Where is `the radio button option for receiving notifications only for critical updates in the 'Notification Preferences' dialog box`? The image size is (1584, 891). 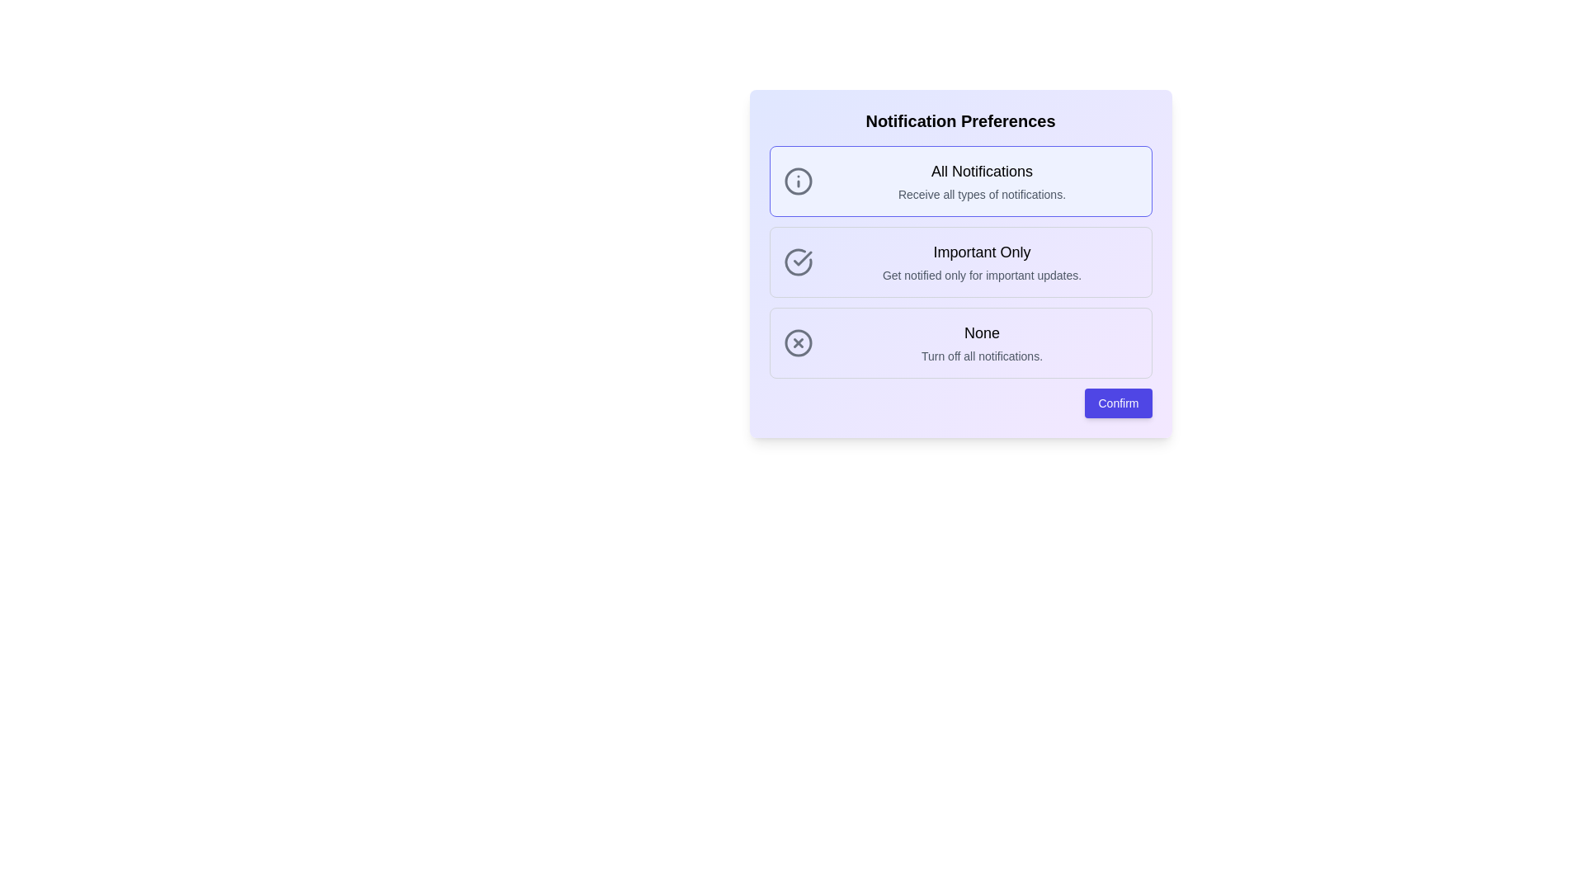 the radio button option for receiving notifications only for critical updates in the 'Notification Preferences' dialog box is located at coordinates (960, 261).